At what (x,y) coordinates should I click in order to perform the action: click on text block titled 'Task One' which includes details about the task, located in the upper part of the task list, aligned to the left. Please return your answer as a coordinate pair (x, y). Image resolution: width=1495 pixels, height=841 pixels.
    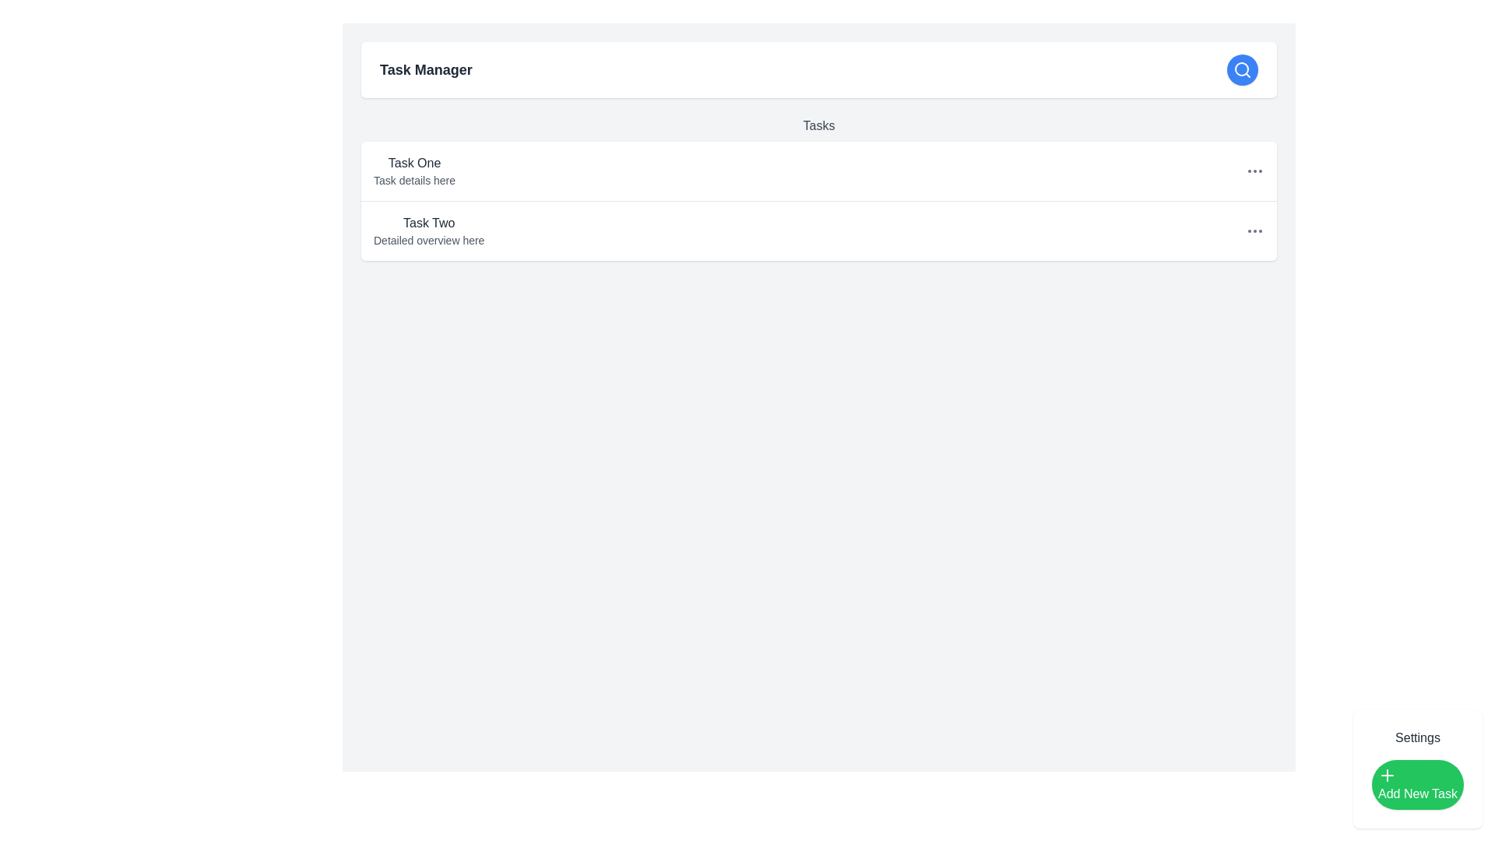
    Looking at the image, I should click on (414, 171).